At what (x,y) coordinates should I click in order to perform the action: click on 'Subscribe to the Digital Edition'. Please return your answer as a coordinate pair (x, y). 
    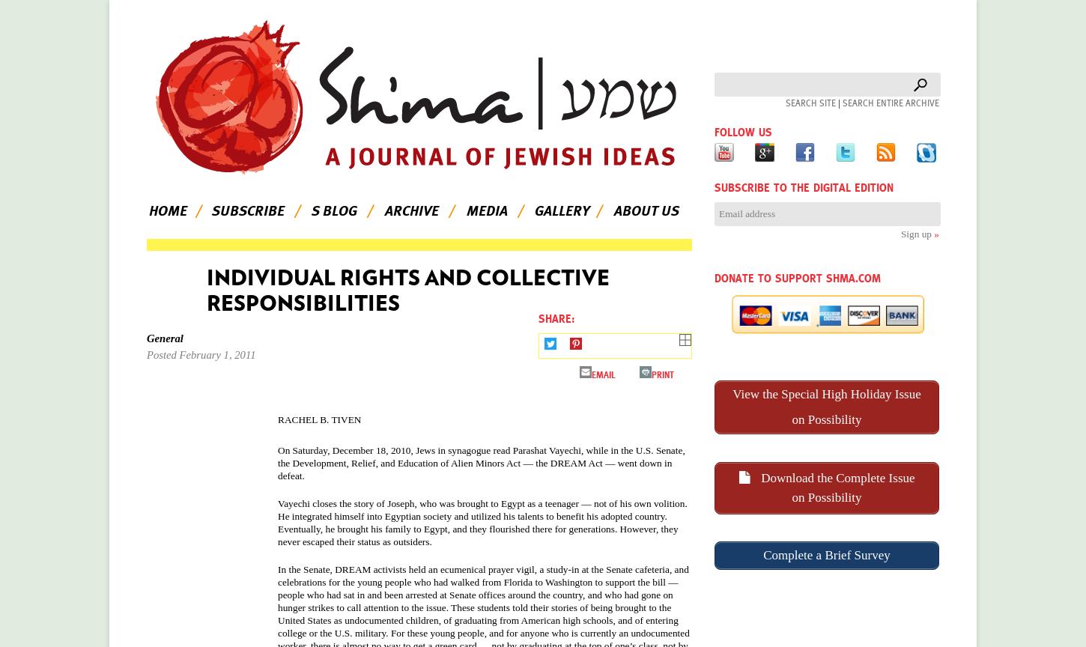
    Looking at the image, I should click on (713, 187).